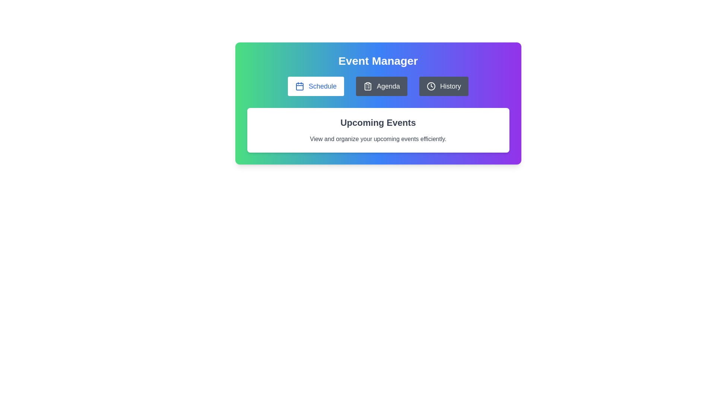 This screenshot has width=715, height=402. I want to click on the 'Agenda' button, so click(382, 86).